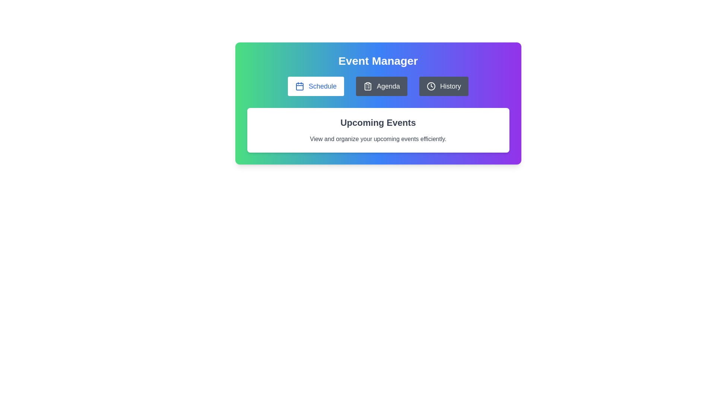 This screenshot has width=715, height=402. I want to click on the 'Agenda' button, so click(382, 86).